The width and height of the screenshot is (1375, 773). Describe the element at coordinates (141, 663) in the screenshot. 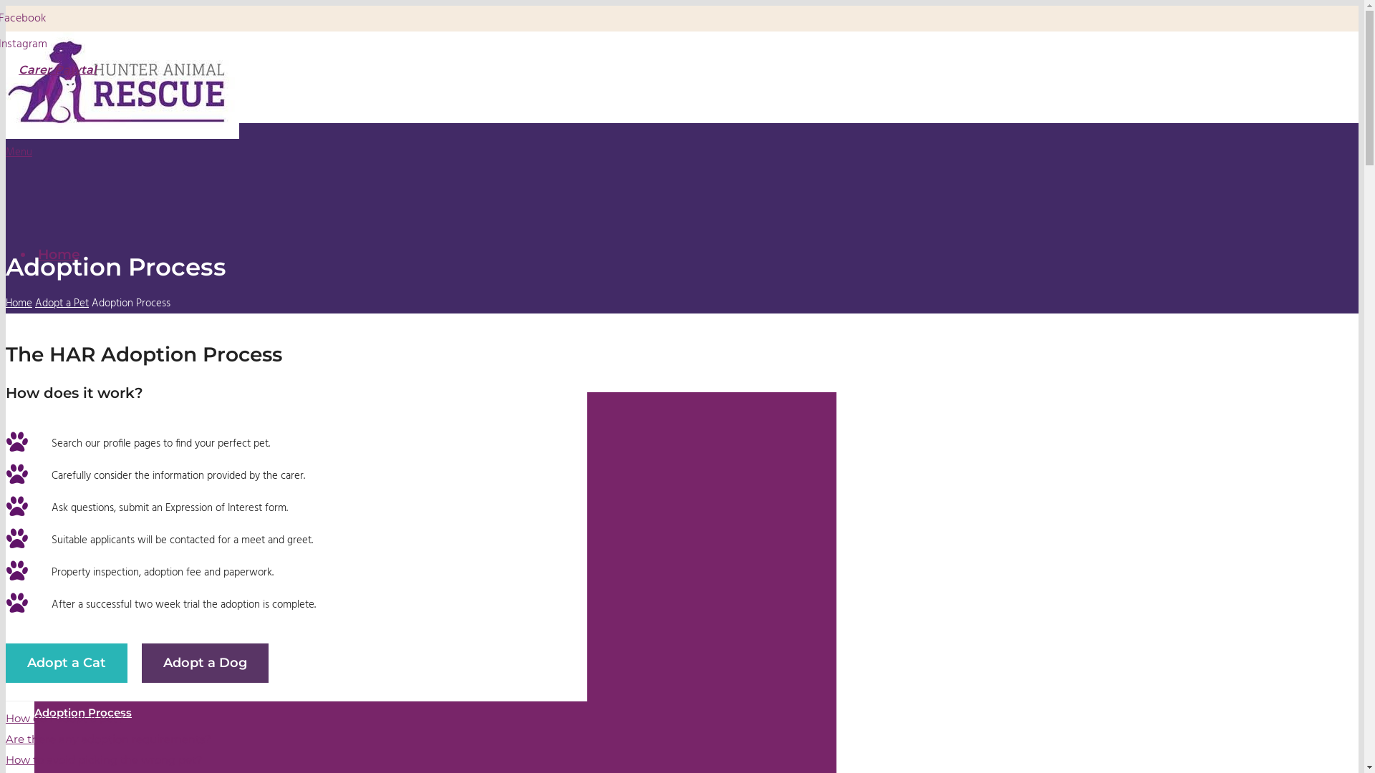

I see `'Adopt a Dog'` at that location.